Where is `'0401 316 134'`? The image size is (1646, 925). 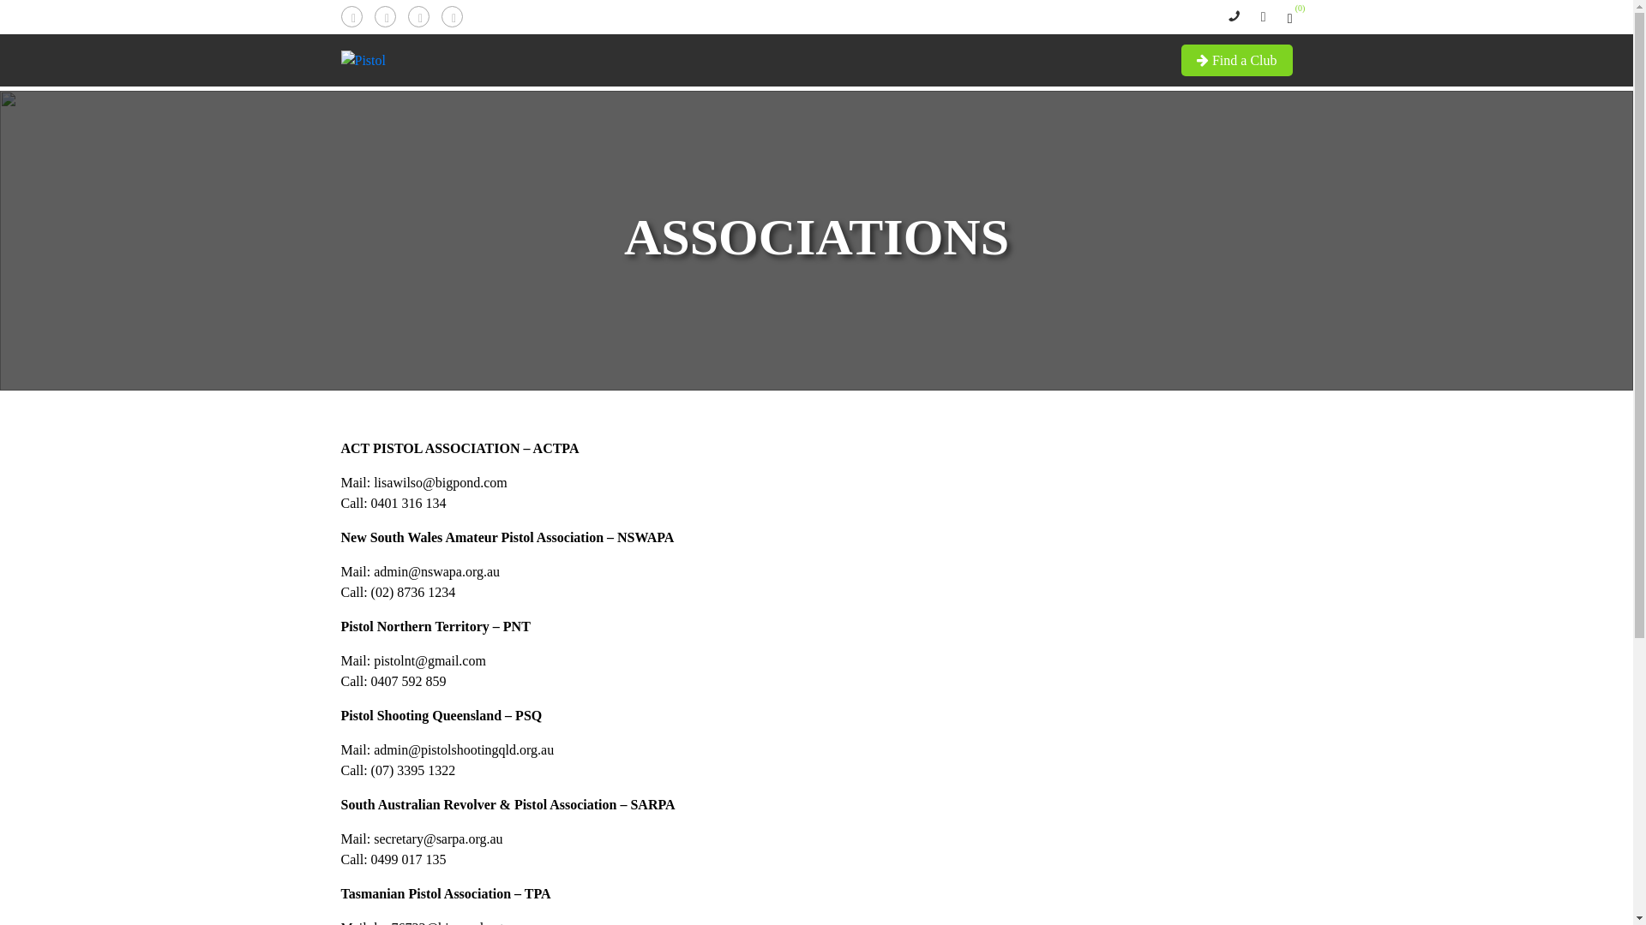 '0401 316 134' is located at coordinates (407, 502).